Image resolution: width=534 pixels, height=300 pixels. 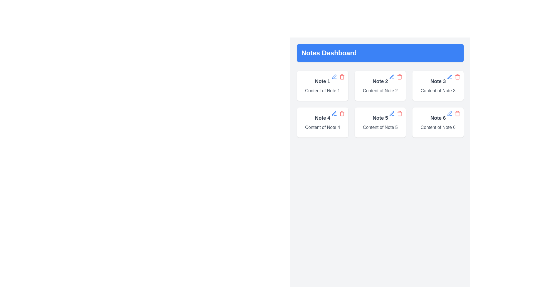 What do you see at coordinates (322, 86) in the screenshot?
I see `the first Card component in the Notes Dashboard grid, which provides quick access to a note's title and description` at bounding box center [322, 86].